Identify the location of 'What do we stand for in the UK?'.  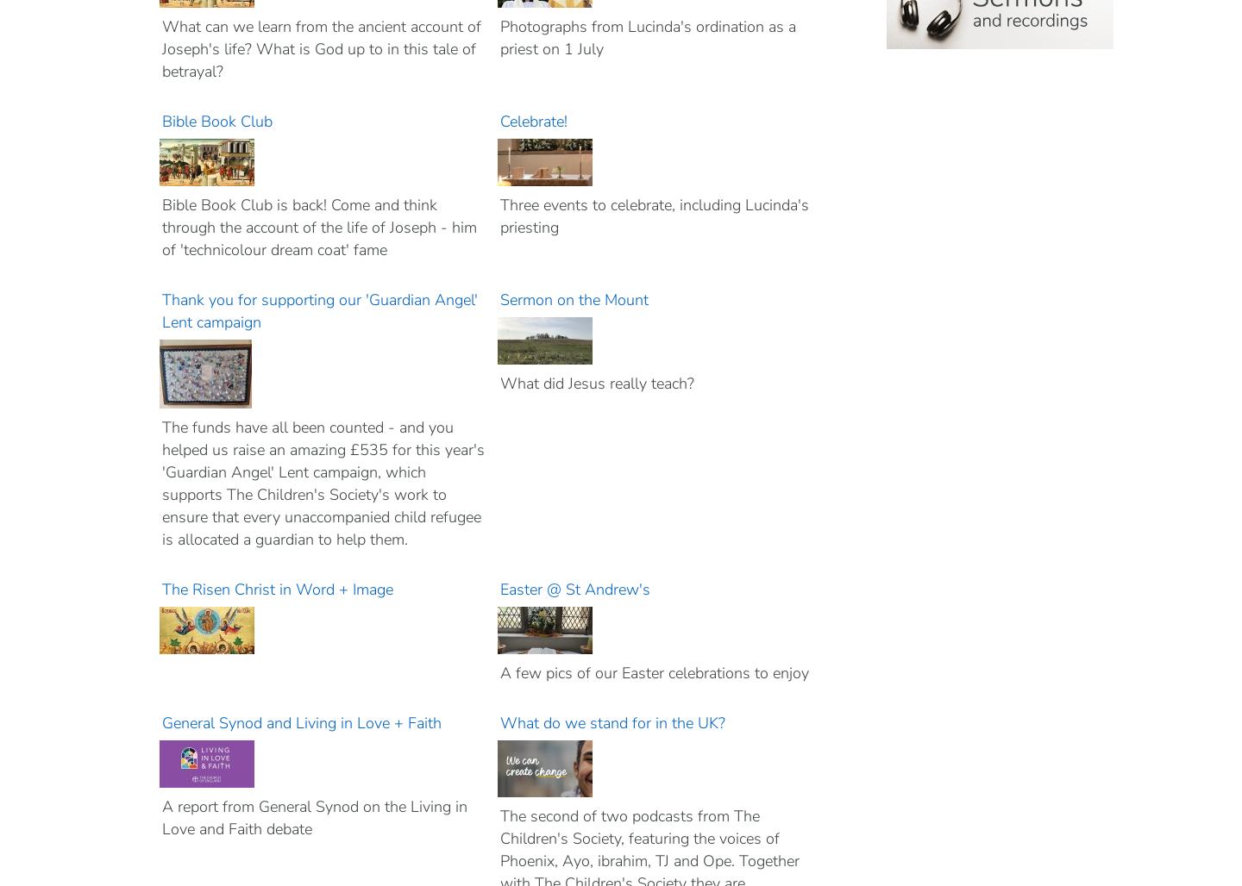
(613, 721).